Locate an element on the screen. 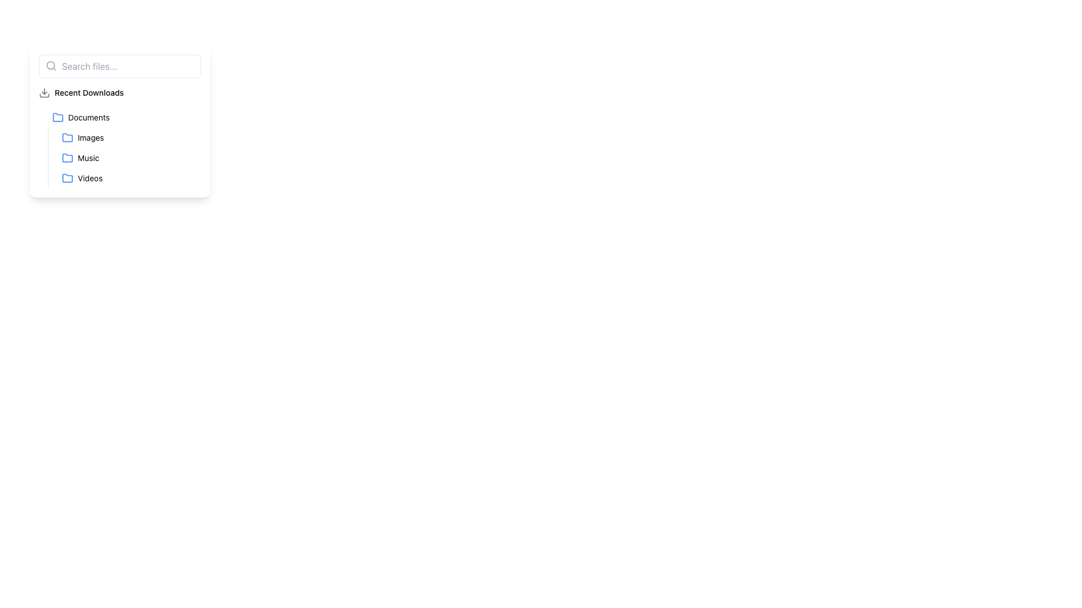 The width and height of the screenshot is (1082, 608). the 'Documents' folder icon located in the left sidebar under the 'Recent Downloads' section is located at coordinates (57, 117).